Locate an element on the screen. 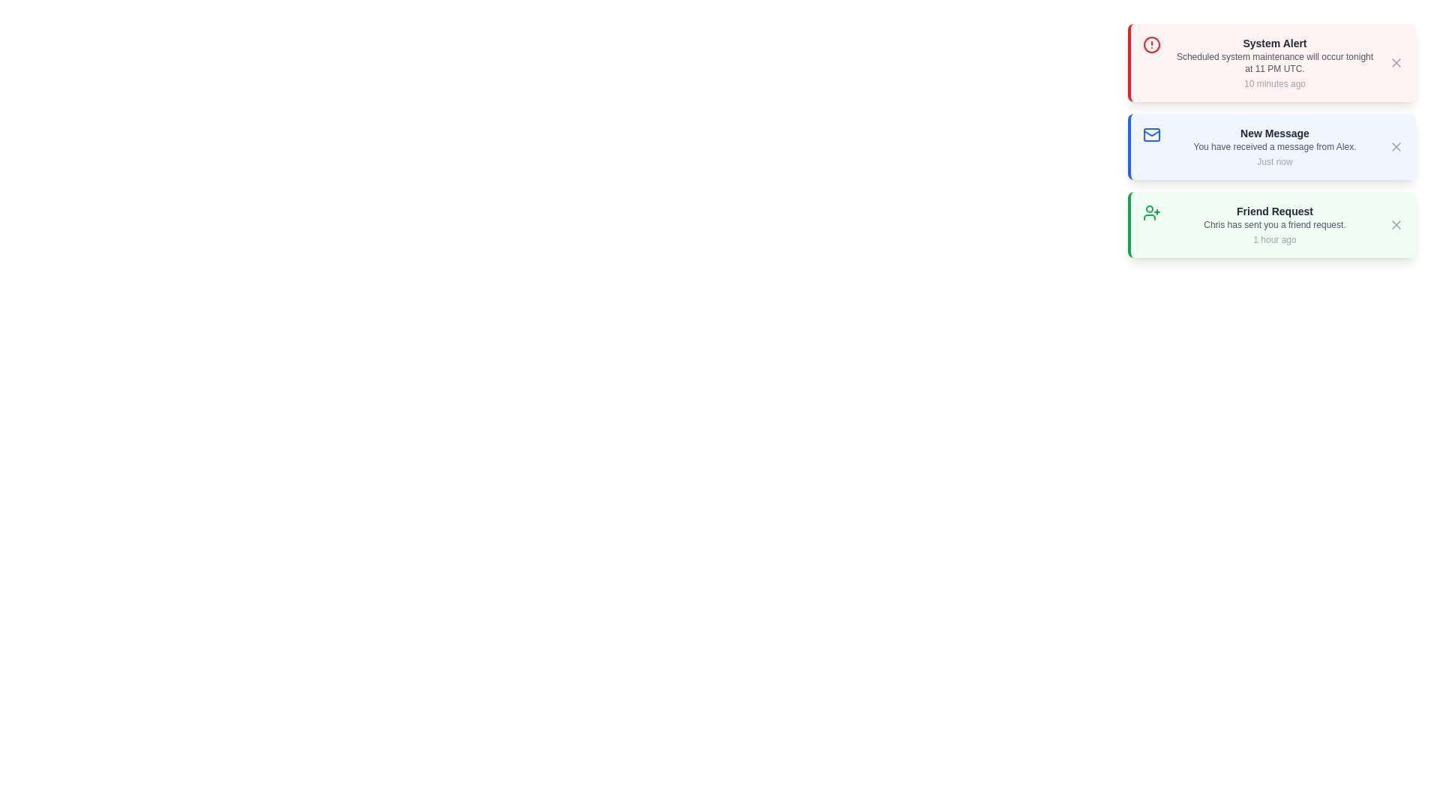 Image resolution: width=1440 pixels, height=810 pixels. the notification panel indicating a new message, which has a light blue background and contains the text 'New Message' and a close button on the right is located at coordinates (1270, 147).